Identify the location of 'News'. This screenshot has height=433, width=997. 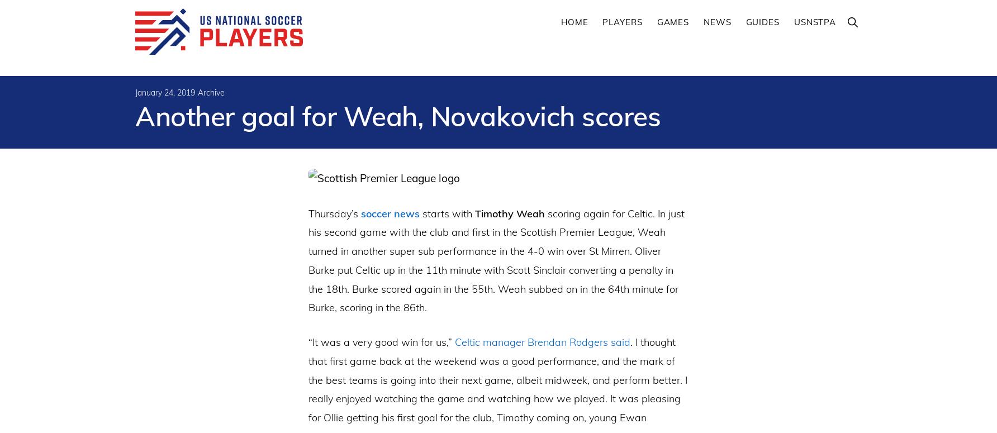
(716, 22).